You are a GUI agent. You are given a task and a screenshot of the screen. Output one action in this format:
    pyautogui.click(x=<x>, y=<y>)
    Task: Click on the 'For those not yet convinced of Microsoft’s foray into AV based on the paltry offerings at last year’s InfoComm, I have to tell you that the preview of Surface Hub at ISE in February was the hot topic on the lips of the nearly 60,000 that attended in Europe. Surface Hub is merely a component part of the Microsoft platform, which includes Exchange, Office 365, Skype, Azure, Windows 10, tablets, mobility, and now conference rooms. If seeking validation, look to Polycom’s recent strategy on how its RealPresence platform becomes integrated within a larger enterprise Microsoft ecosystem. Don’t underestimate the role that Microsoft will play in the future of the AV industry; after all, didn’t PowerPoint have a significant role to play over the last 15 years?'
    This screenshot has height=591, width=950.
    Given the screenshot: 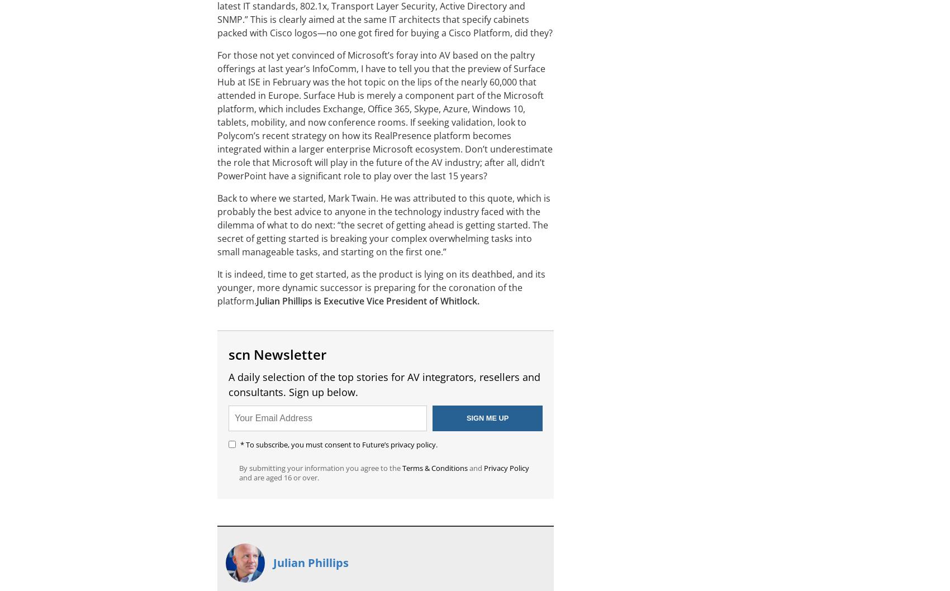 What is the action you would take?
    pyautogui.click(x=216, y=116)
    